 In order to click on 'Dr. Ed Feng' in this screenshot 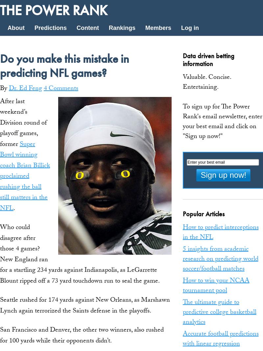, I will do `click(25, 88)`.